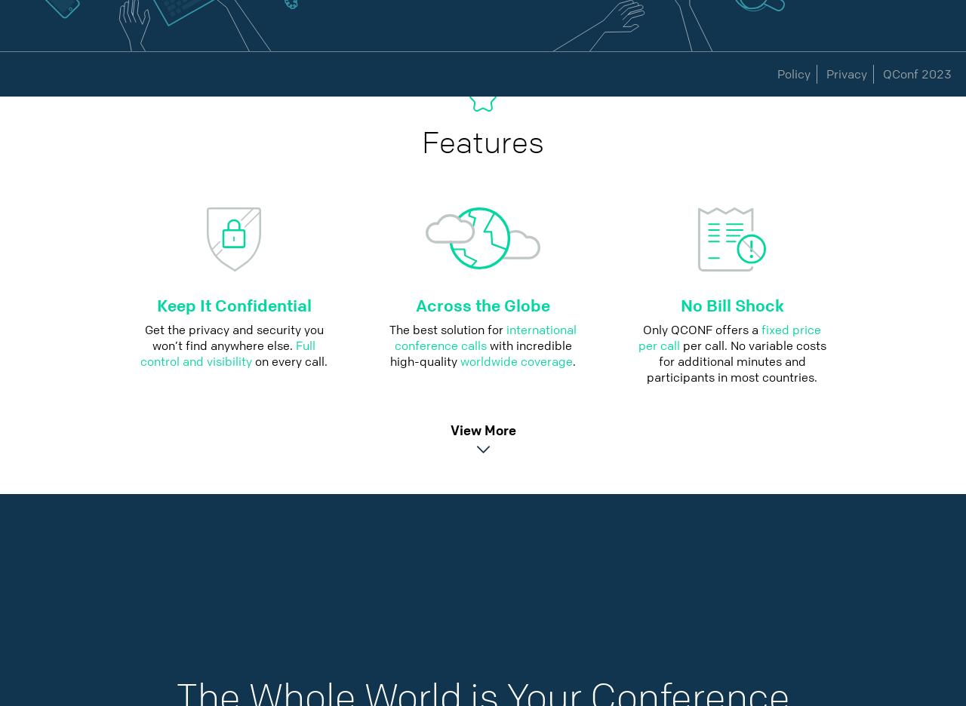 The width and height of the screenshot is (966, 706). Describe the element at coordinates (395, 73) in the screenshot. I see `'Countries'` at that location.